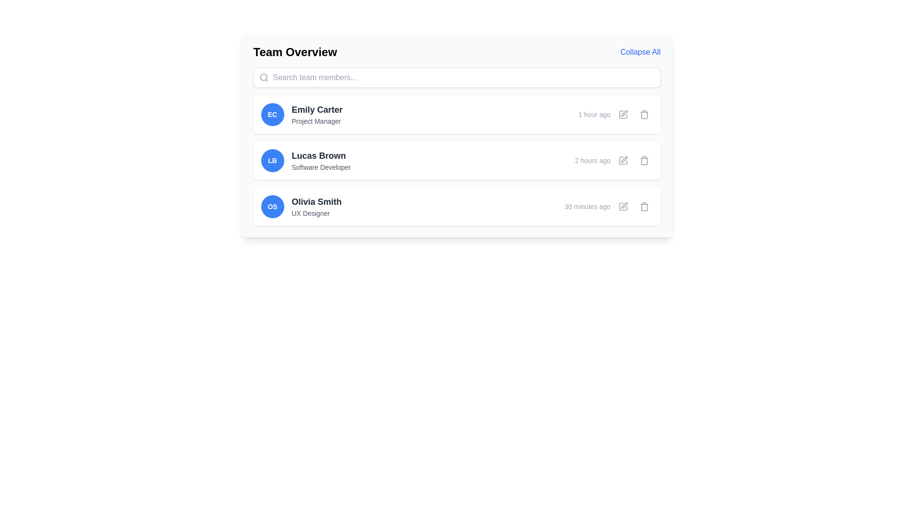 The height and width of the screenshot is (518, 922). I want to click on the pencil icon button styled for editing action, located within a light gray rounded square background, to initiate editing, so click(623, 114).